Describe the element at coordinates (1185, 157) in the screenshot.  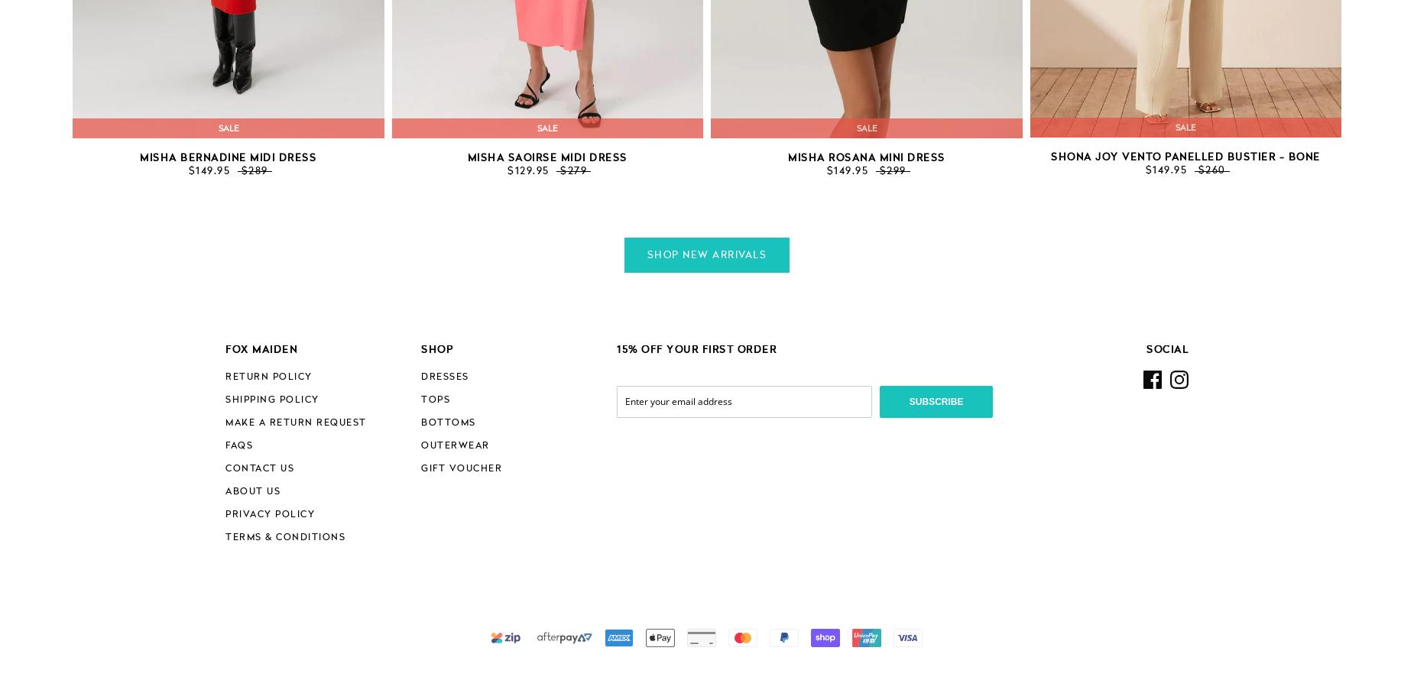
I see `'SHONA JOY VENTO PANELLED BUSTIER - BONE'` at that location.